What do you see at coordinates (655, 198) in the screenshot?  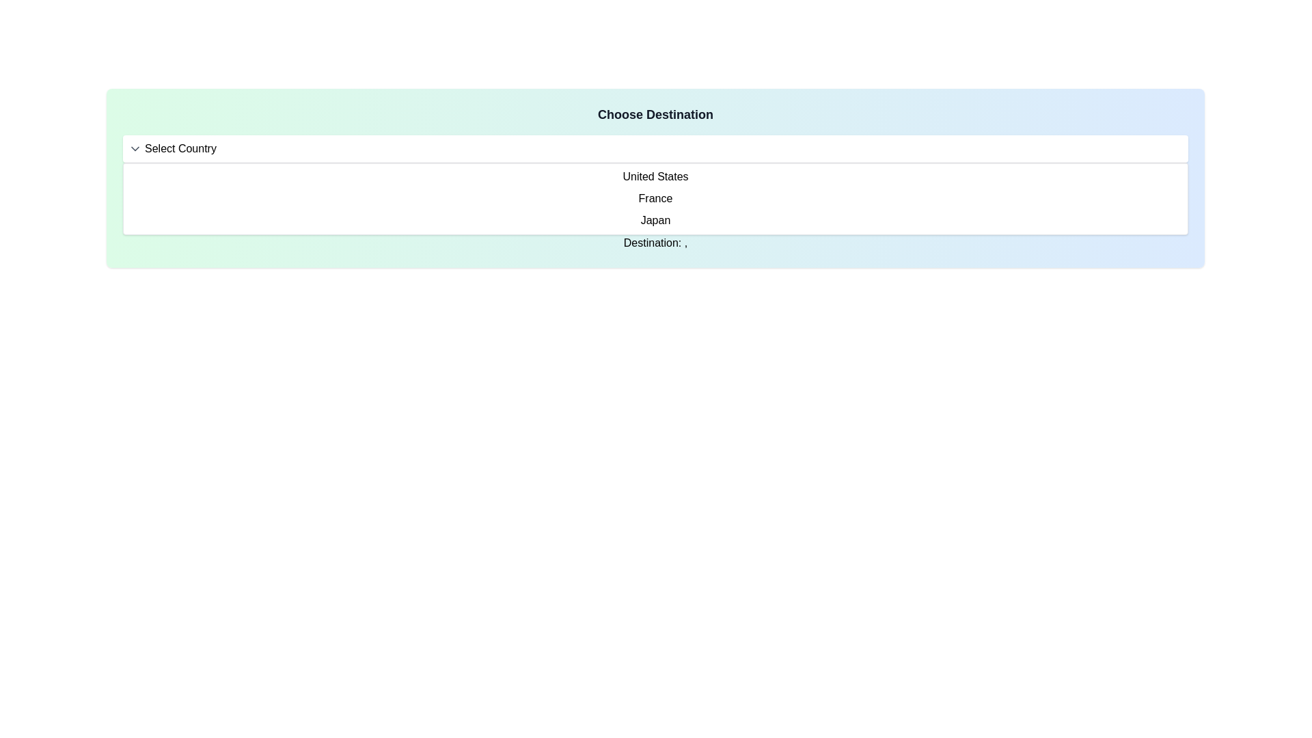 I see `the second option in the selectable list` at bounding box center [655, 198].